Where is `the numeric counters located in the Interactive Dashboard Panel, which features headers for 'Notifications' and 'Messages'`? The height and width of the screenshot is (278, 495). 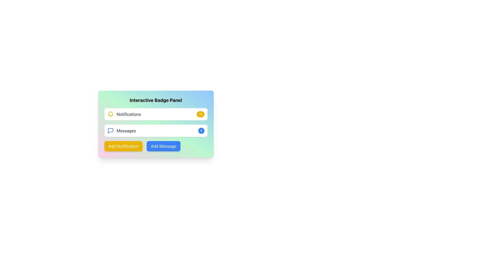
the numeric counters located in the Interactive Dashboard Panel, which features headers for 'Notifications' and 'Messages' is located at coordinates (155, 135).